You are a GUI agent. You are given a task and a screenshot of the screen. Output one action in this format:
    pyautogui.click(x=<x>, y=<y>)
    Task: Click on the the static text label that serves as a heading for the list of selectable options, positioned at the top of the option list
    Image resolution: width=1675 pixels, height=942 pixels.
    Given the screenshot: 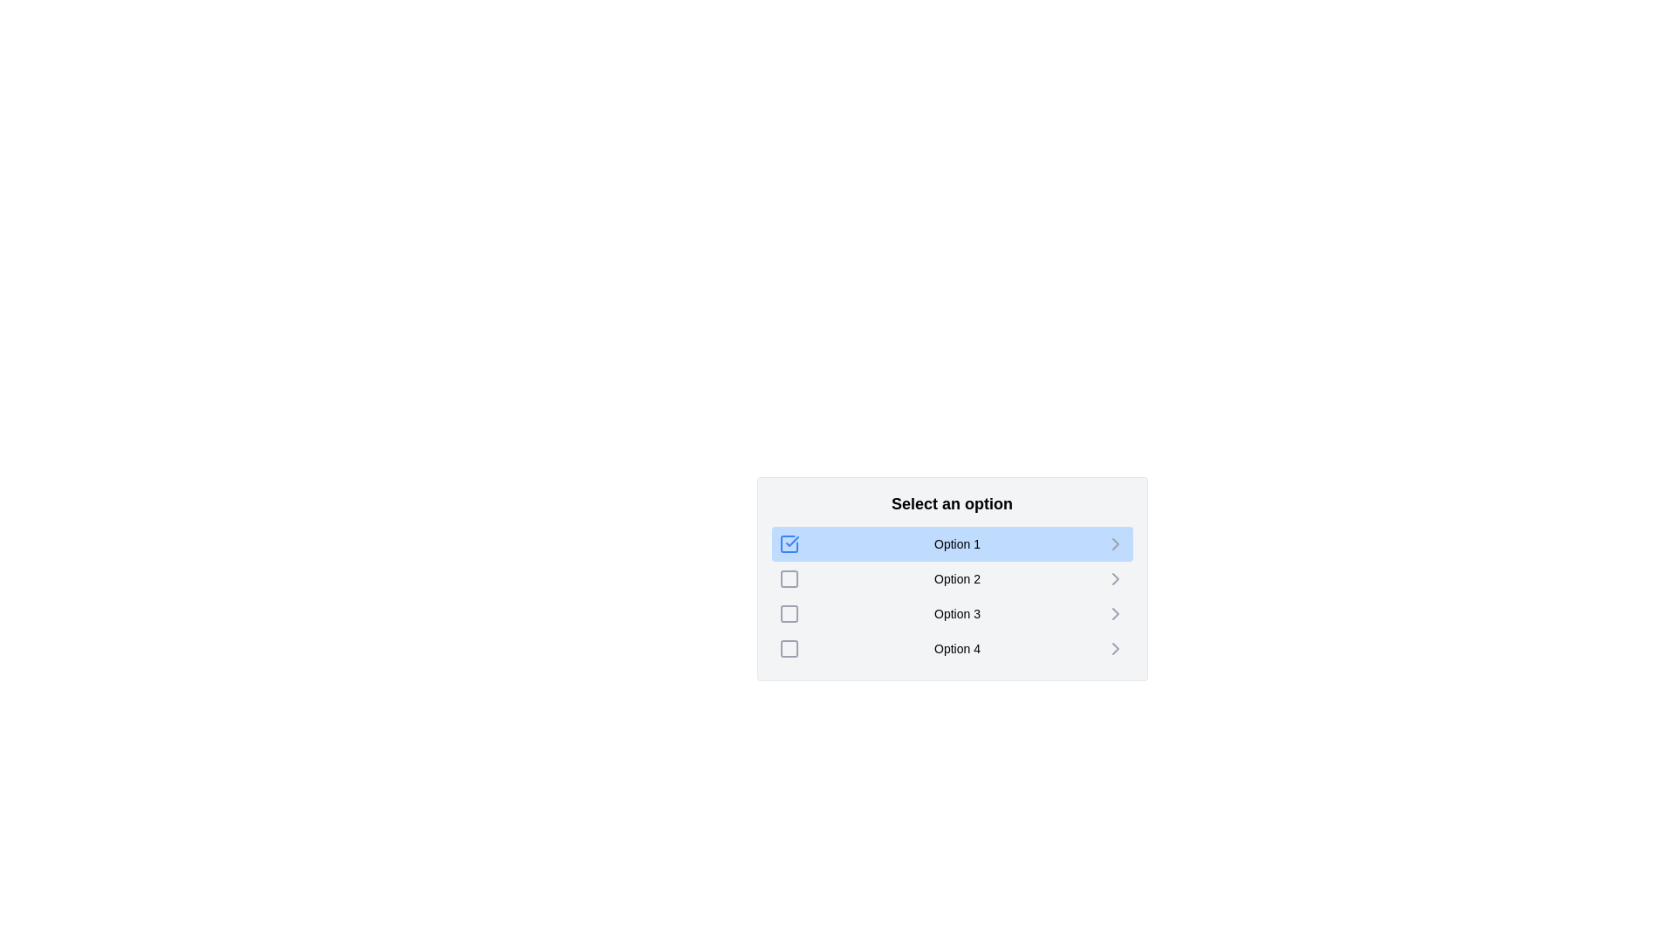 What is the action you would take?
    pyautogui.click(x=951, y=504)
    